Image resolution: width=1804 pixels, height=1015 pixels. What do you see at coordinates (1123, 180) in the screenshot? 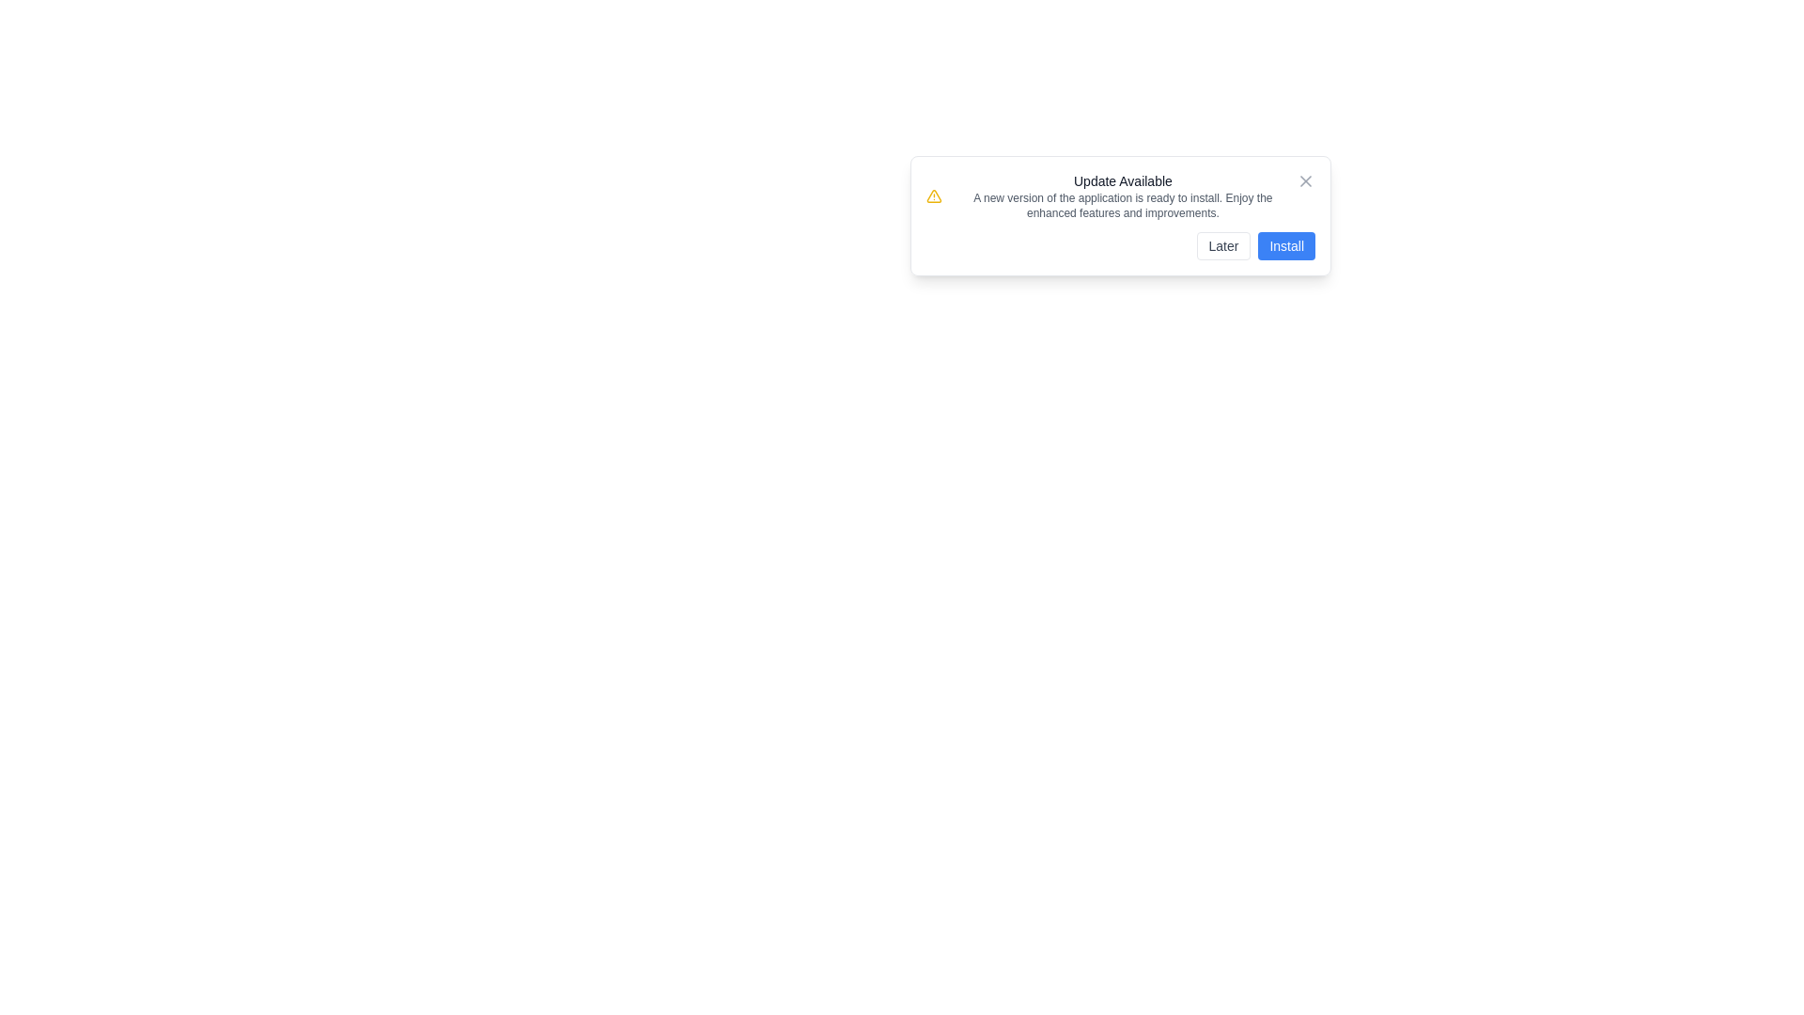
I see `the Text Label that indicates an update is available for the application, located at the top of the notification card` at bounding box center [1123, 180].